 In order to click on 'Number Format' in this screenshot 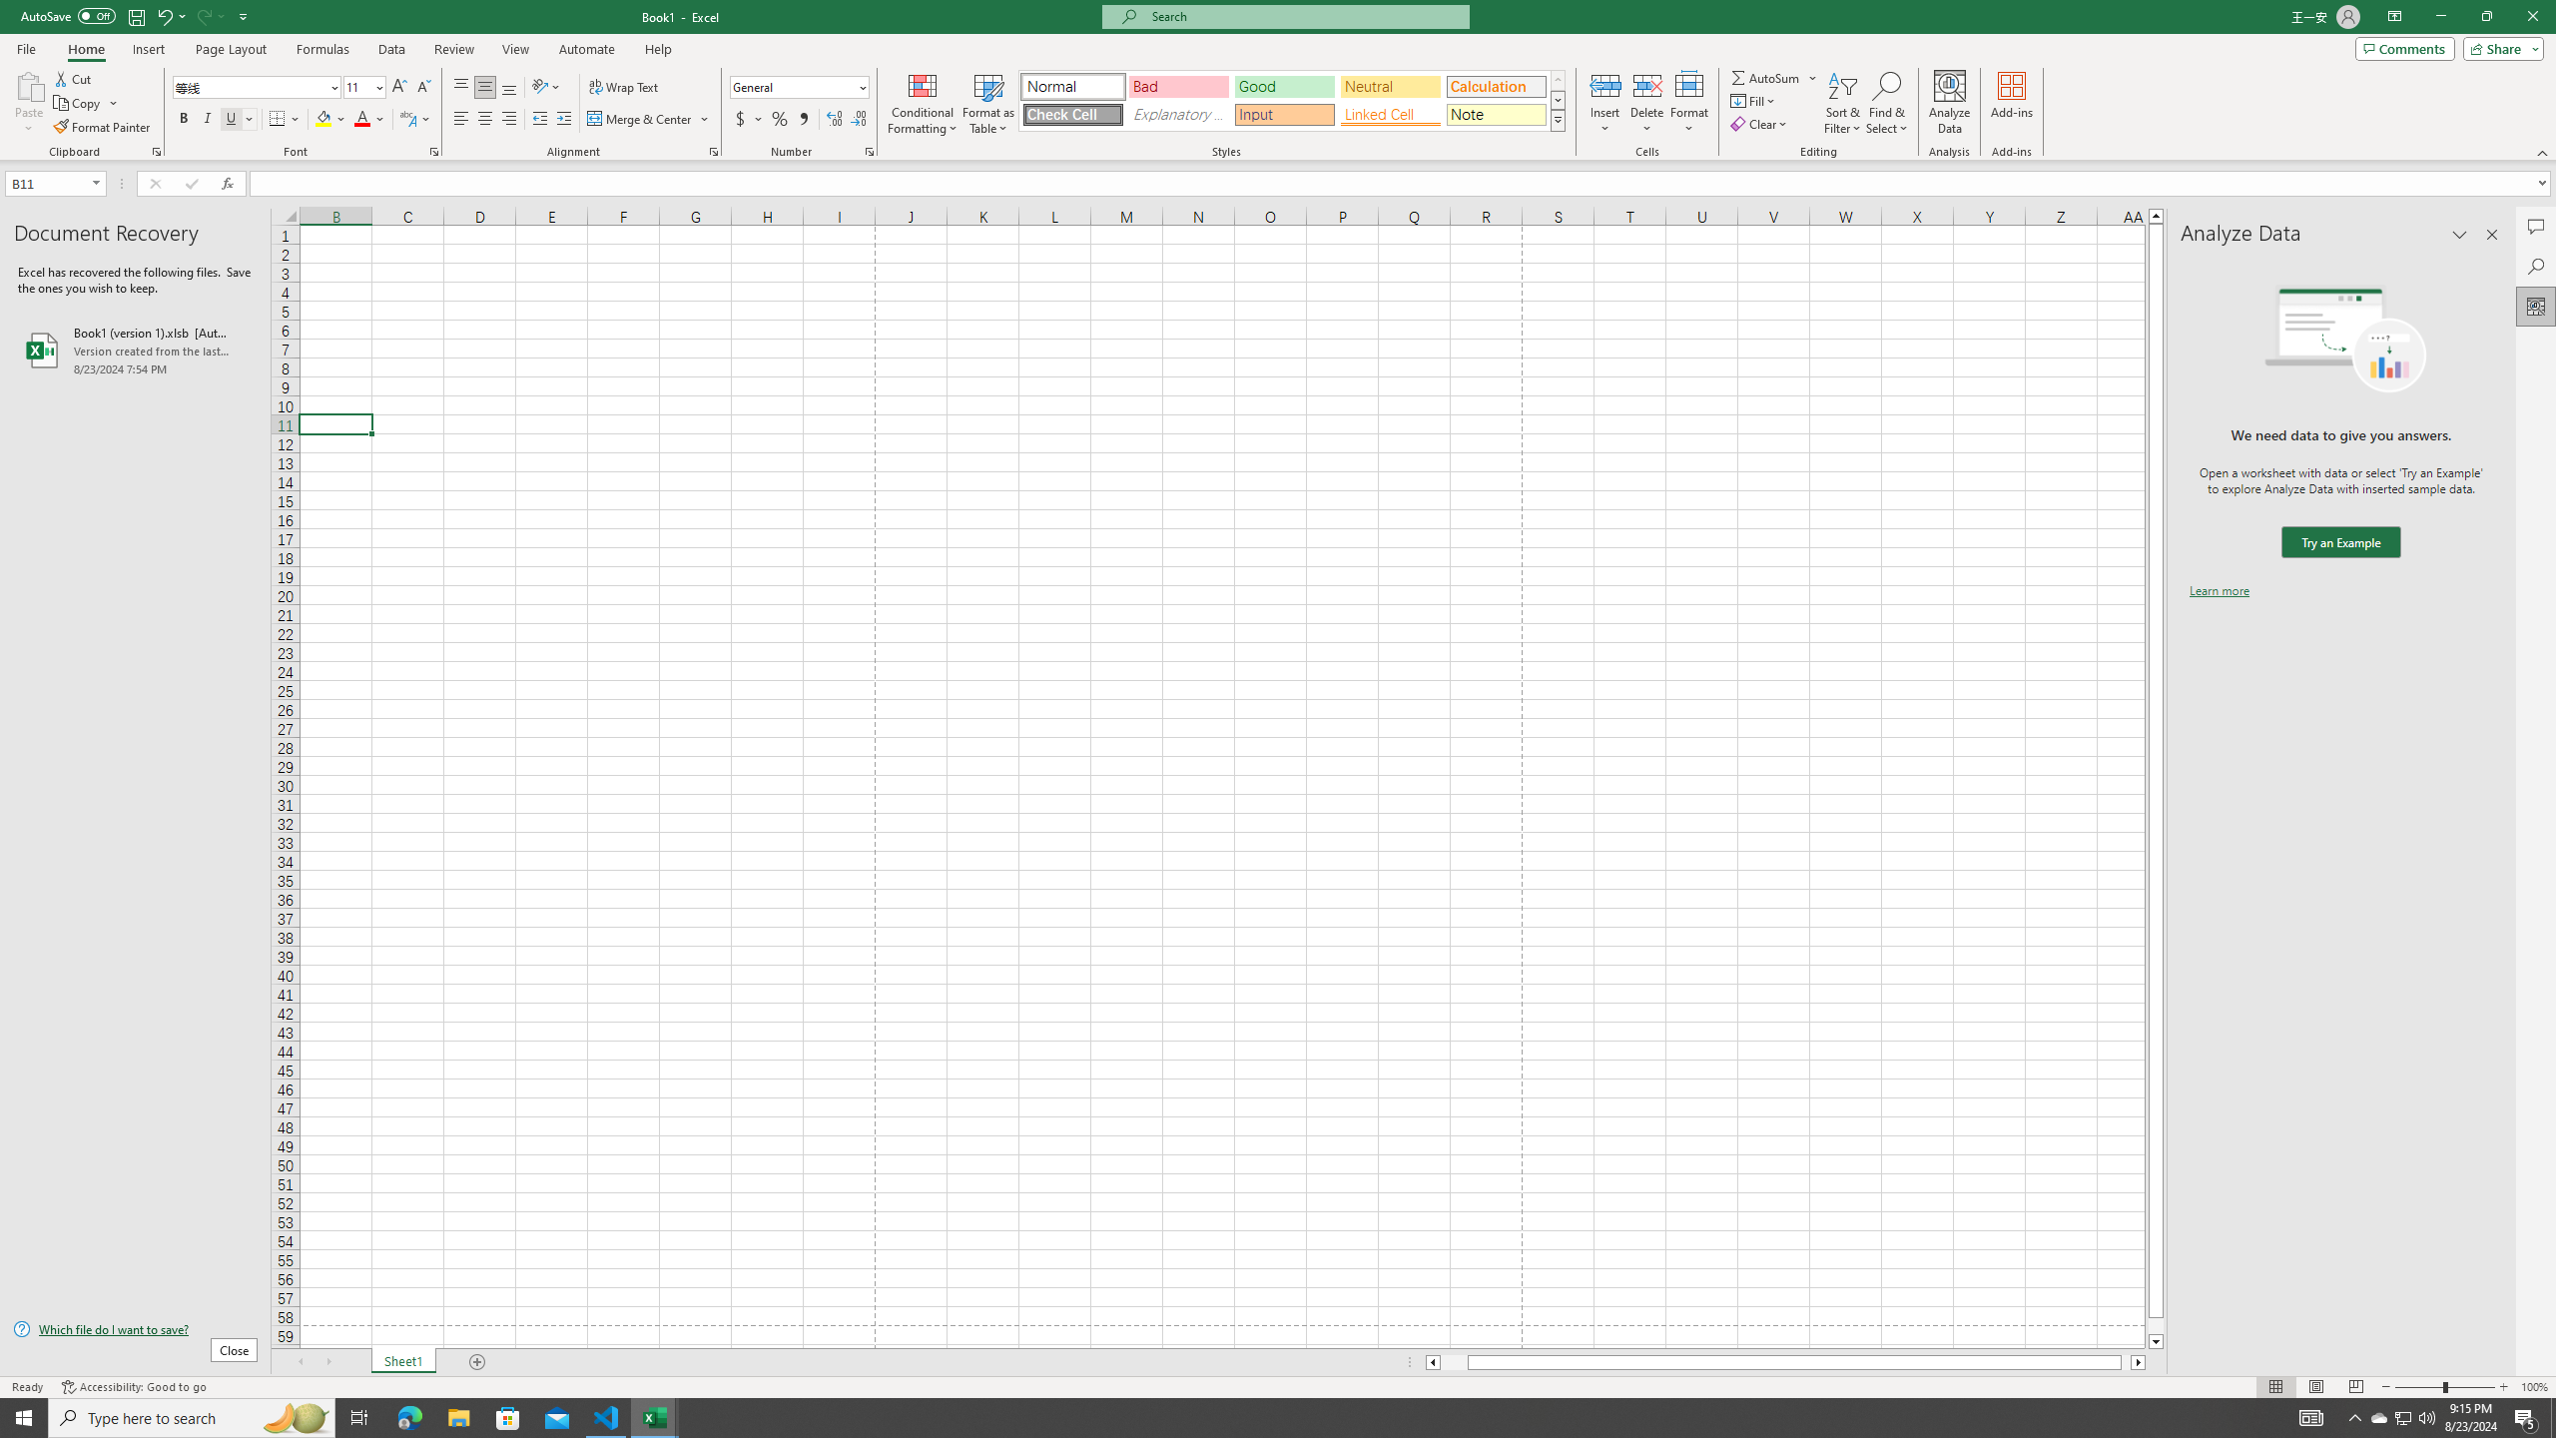, I will do `click(799, 87)`.